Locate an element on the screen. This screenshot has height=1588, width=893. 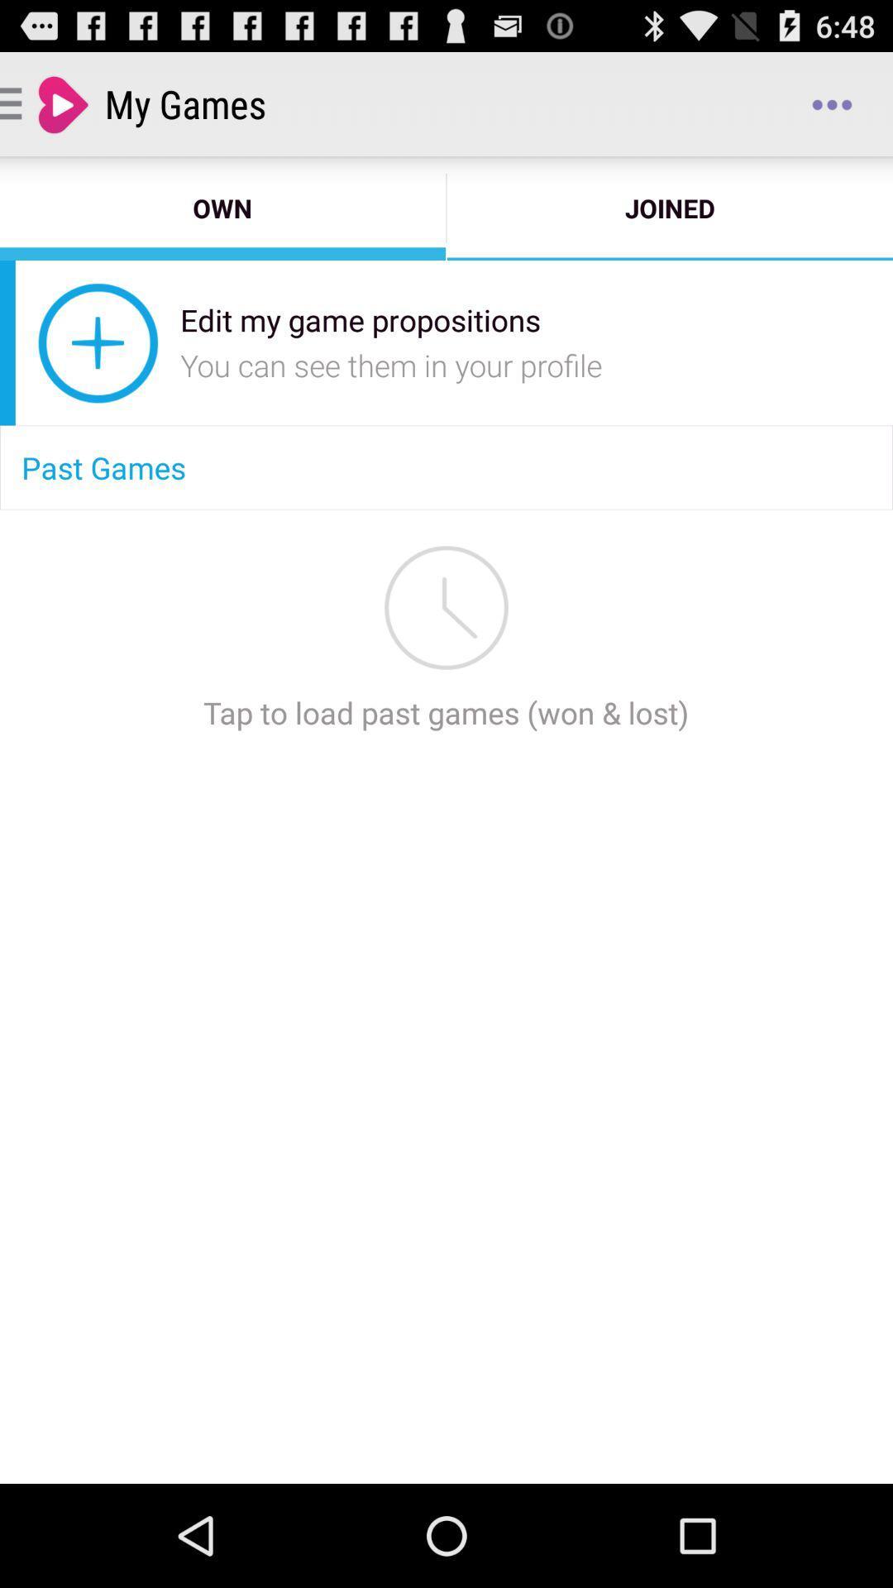
the item to the right of the my games item is located at coordinates (832, 103).